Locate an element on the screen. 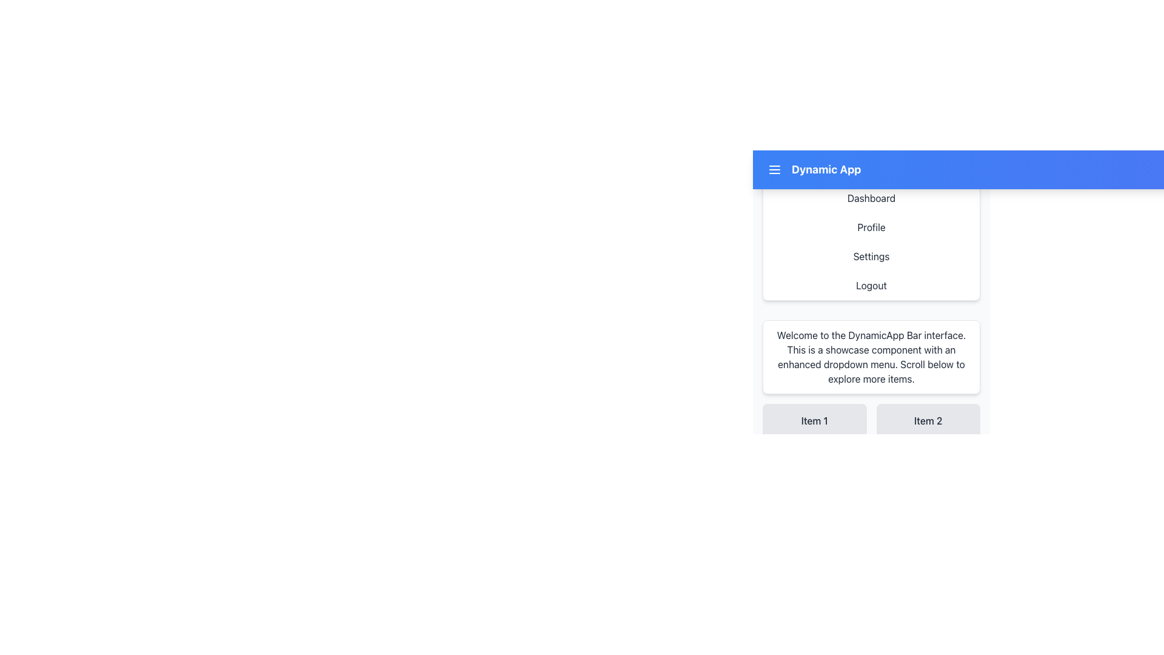  the text label 'Dynamic App' displayed in bold white font on a vibrant blue background, located in the header bar at the top center of the interface is located at coordinates (812, 170).